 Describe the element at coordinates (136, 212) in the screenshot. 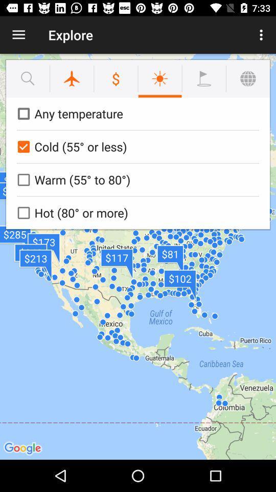

I see `the hot 80 or` at that location.